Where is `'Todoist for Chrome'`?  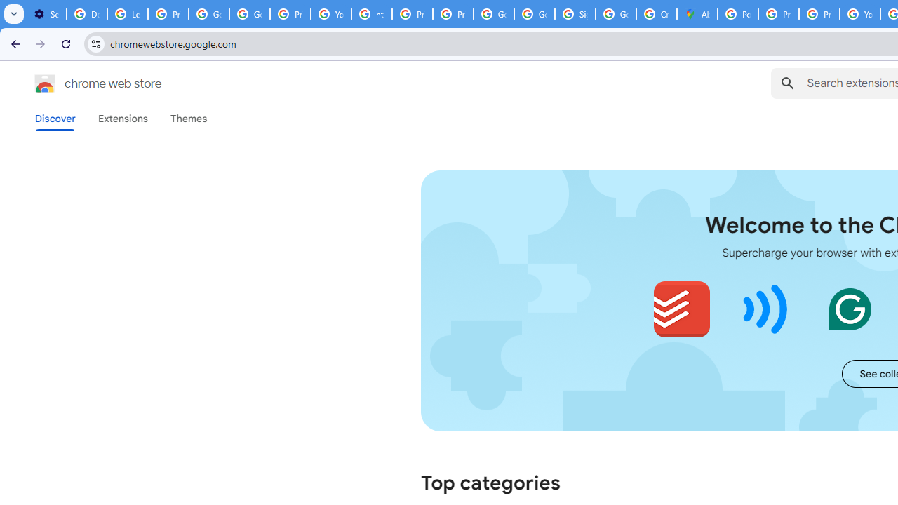
'Todoist for Chrome' is located at coordinates (681, 309).